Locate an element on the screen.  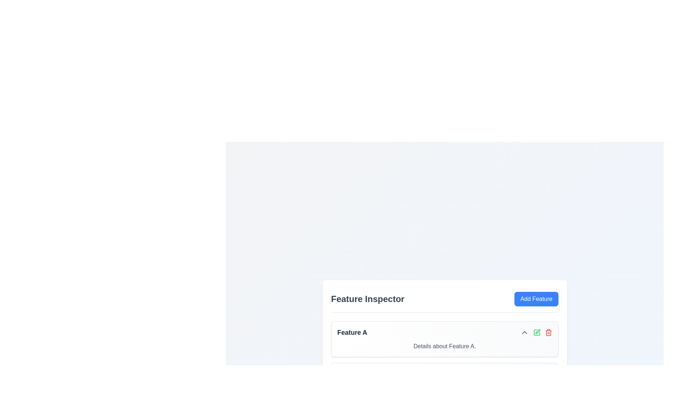
the delete Icon Button located at the far right of the feature list interface is located at coordinates (548, 332).